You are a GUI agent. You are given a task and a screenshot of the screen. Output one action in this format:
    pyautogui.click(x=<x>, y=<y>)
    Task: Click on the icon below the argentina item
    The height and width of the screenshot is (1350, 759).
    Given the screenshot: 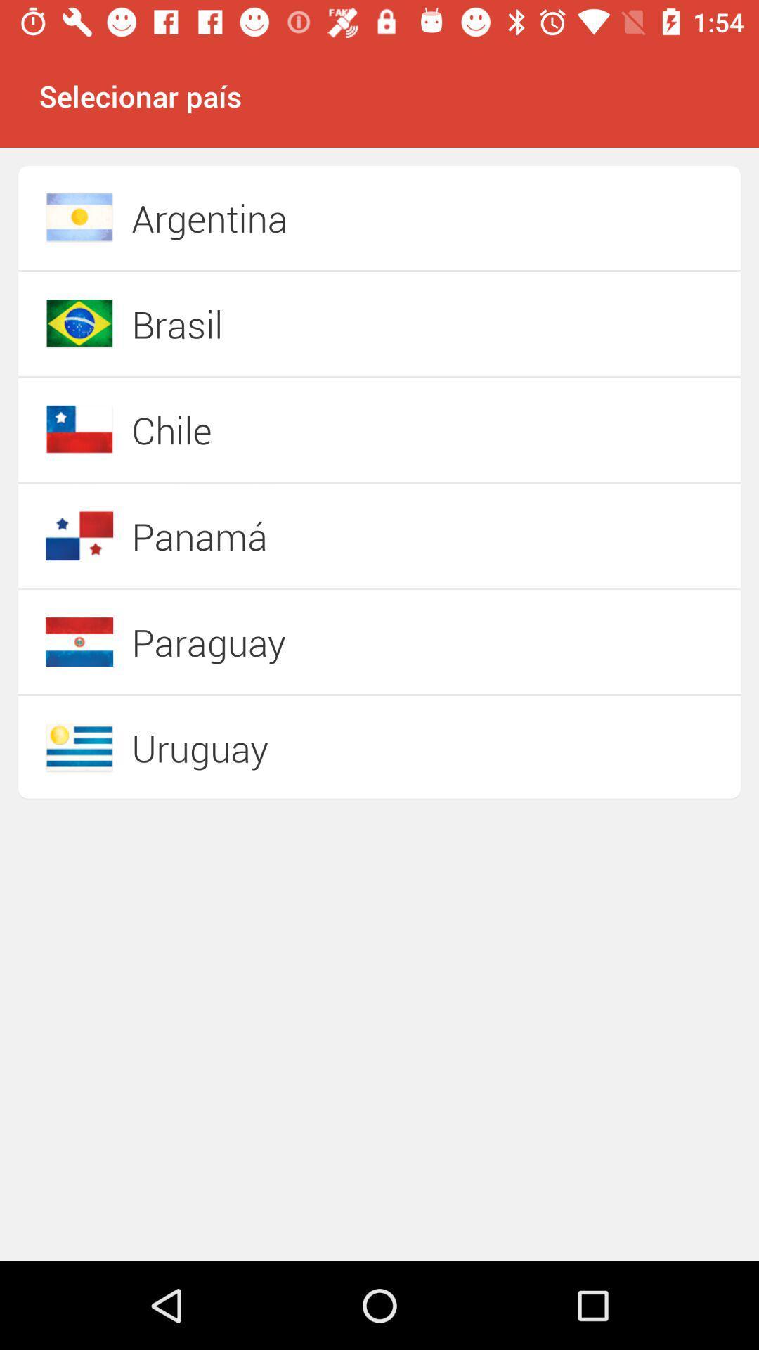 What is the action you would take?
    pyautogui.click(x=330, y=323)
    